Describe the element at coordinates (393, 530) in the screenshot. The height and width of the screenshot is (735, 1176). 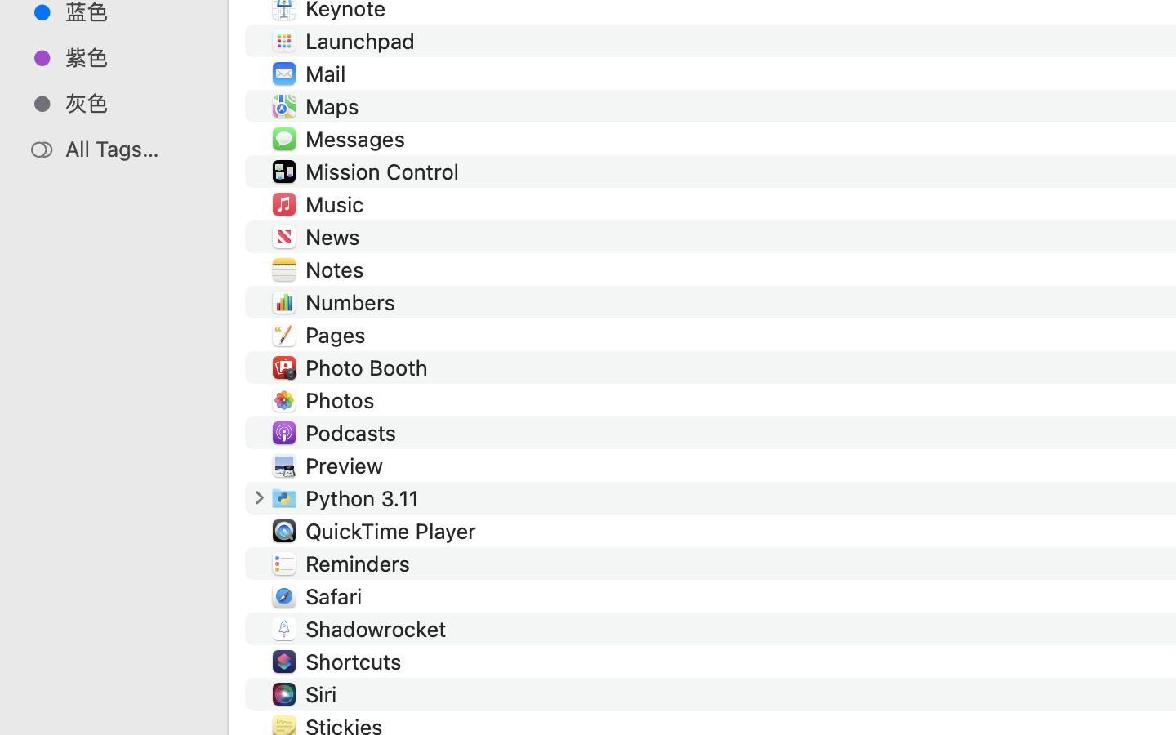
I see `'QuickTime Player'` at that location.